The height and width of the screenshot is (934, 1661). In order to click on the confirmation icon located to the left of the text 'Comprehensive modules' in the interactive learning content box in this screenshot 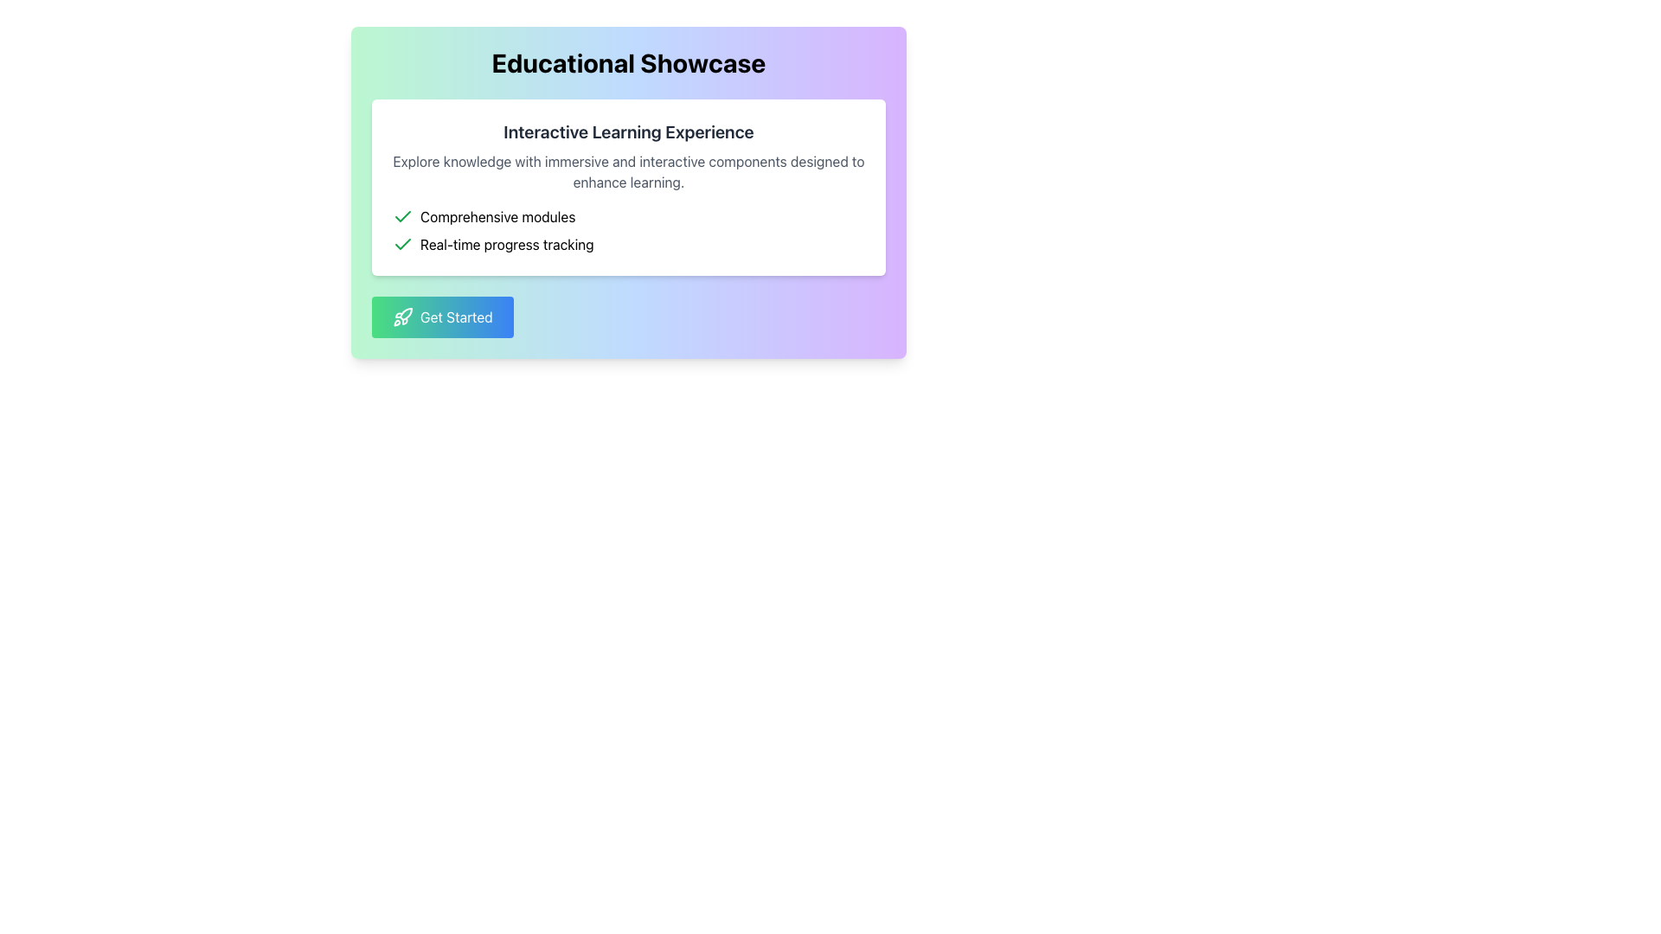, I will do `click(401, 215)`.